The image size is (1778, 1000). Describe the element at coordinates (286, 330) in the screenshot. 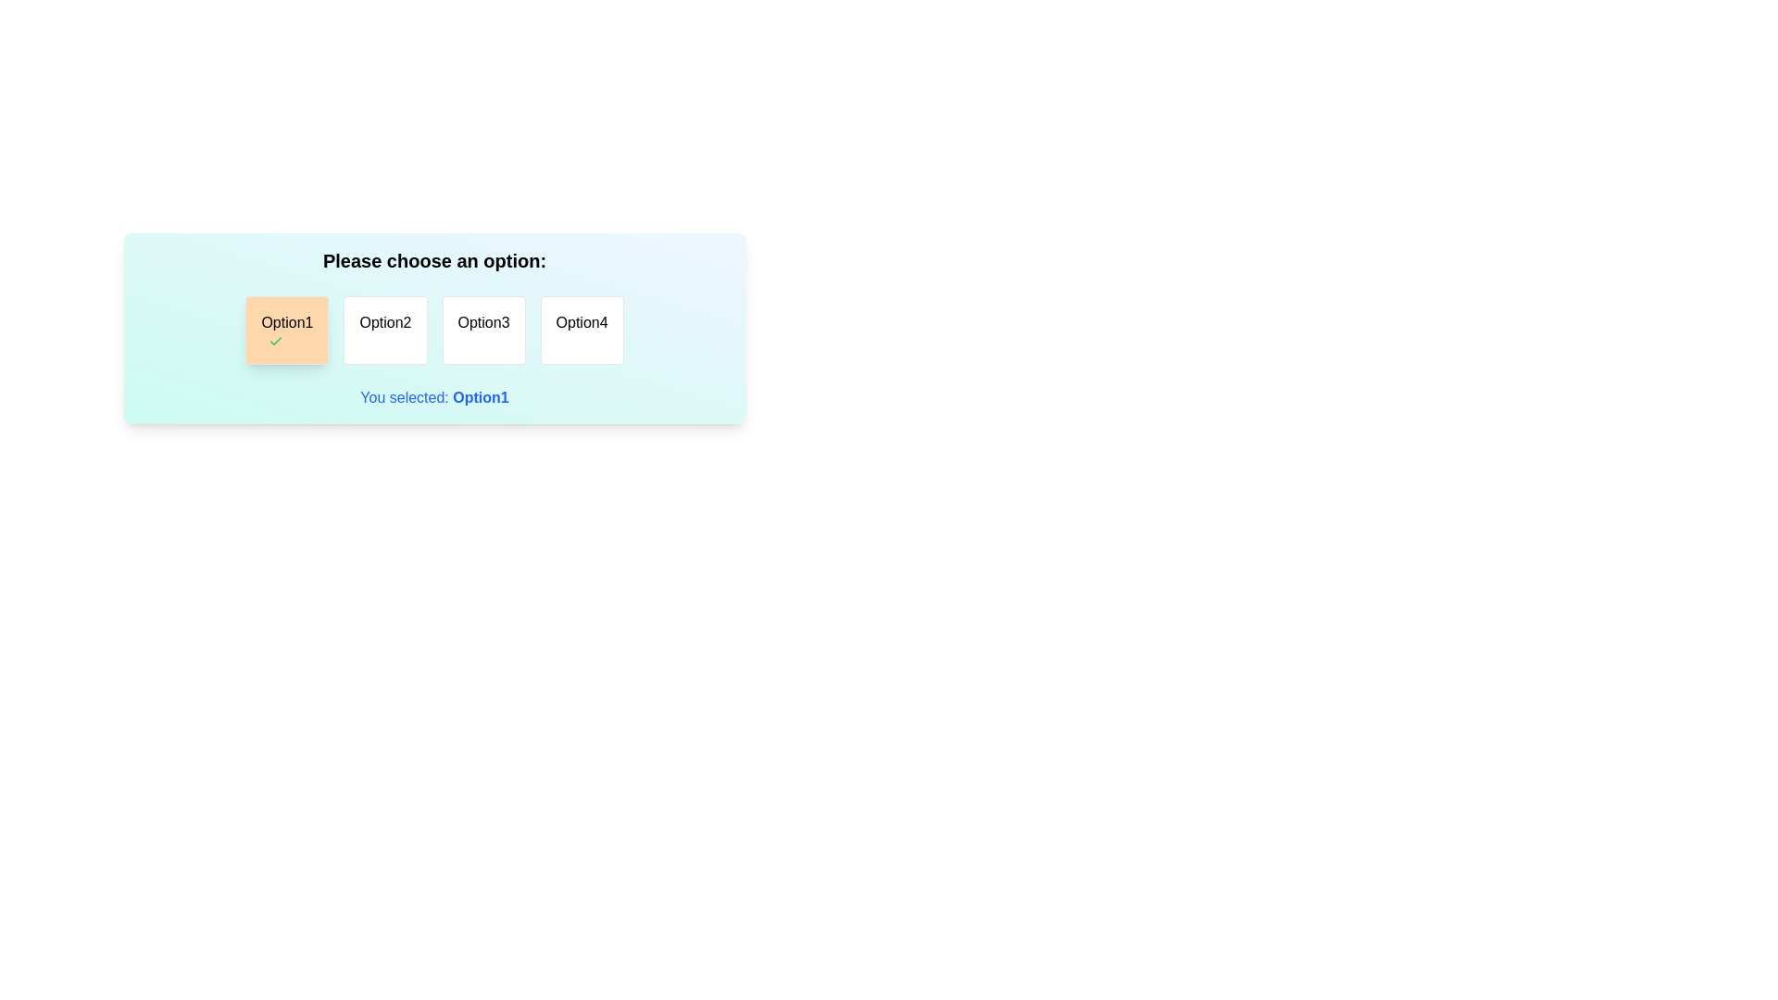

I see `the leftmost selectable tile with an orange background and the text 'Option1'` at that location.